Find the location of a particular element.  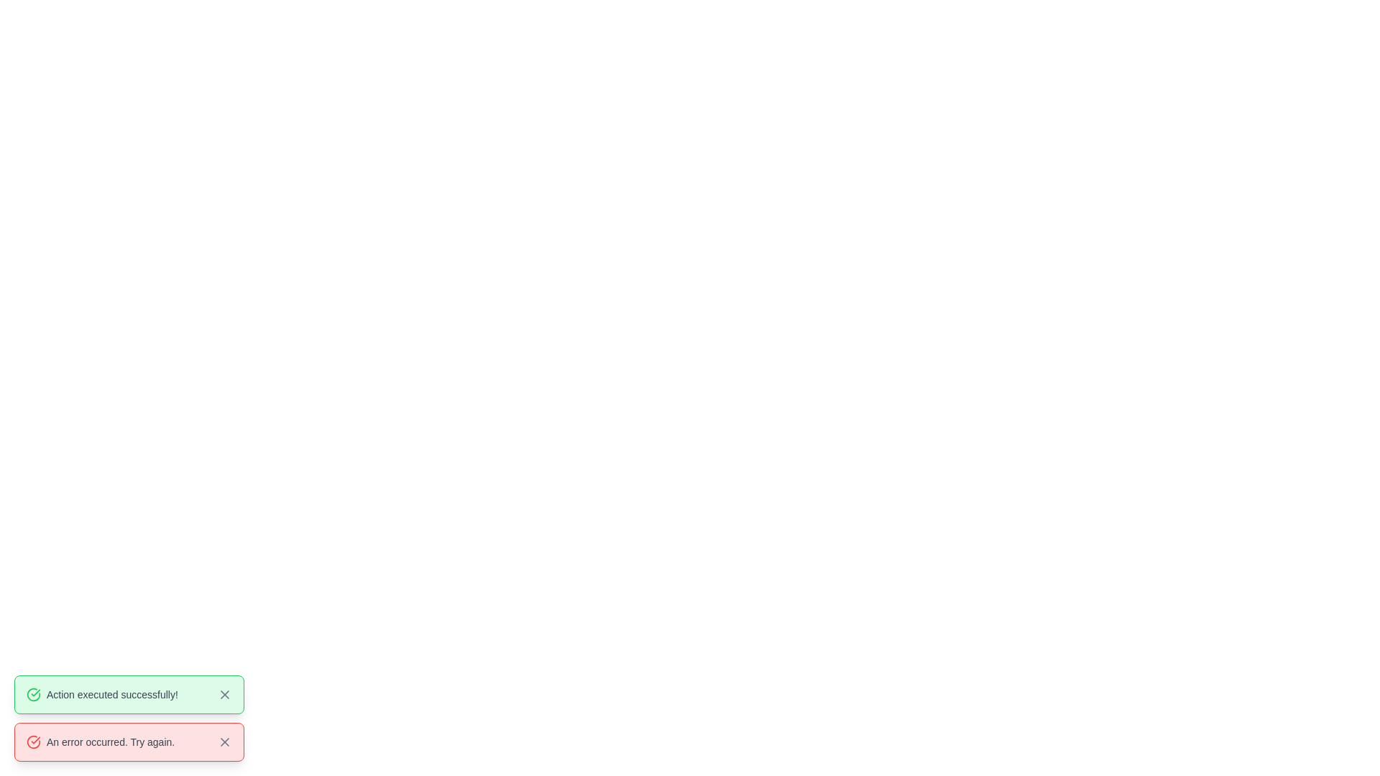

the status message text label, which is located inside a green notification box, positioned to the right of a checkmark icon and before a small close button is located at coordinates (111, 694).